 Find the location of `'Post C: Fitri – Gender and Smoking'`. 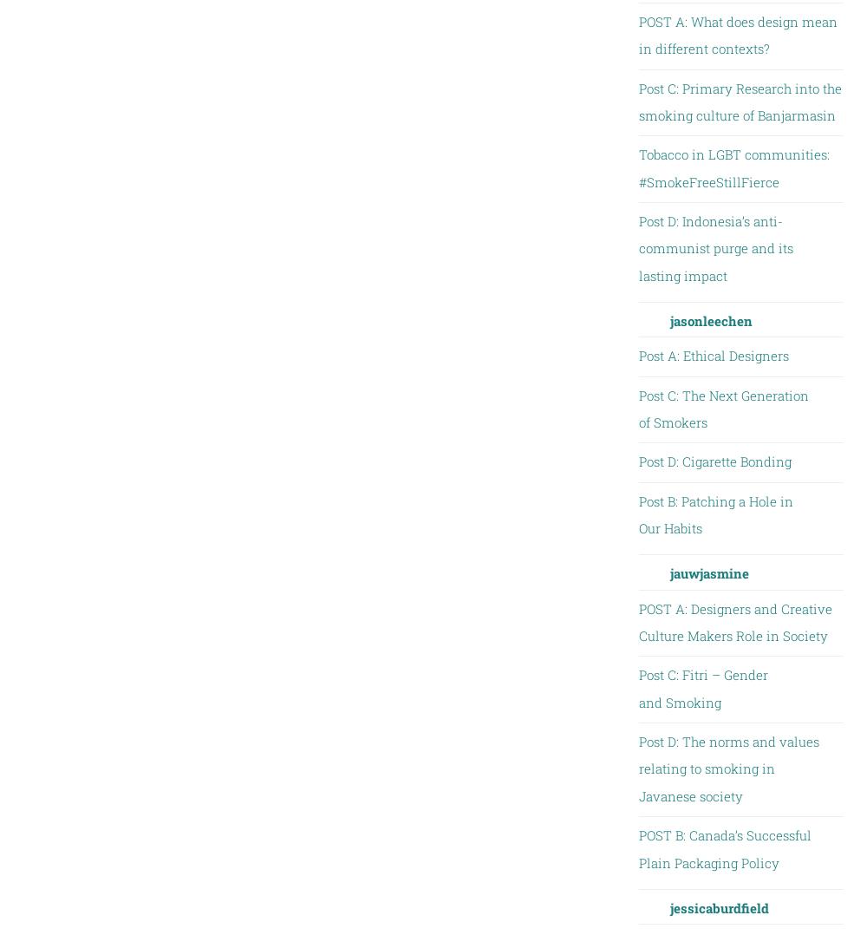

'Post C: Fitri – Gender and Smoking' is located at coordinates (637, 687).